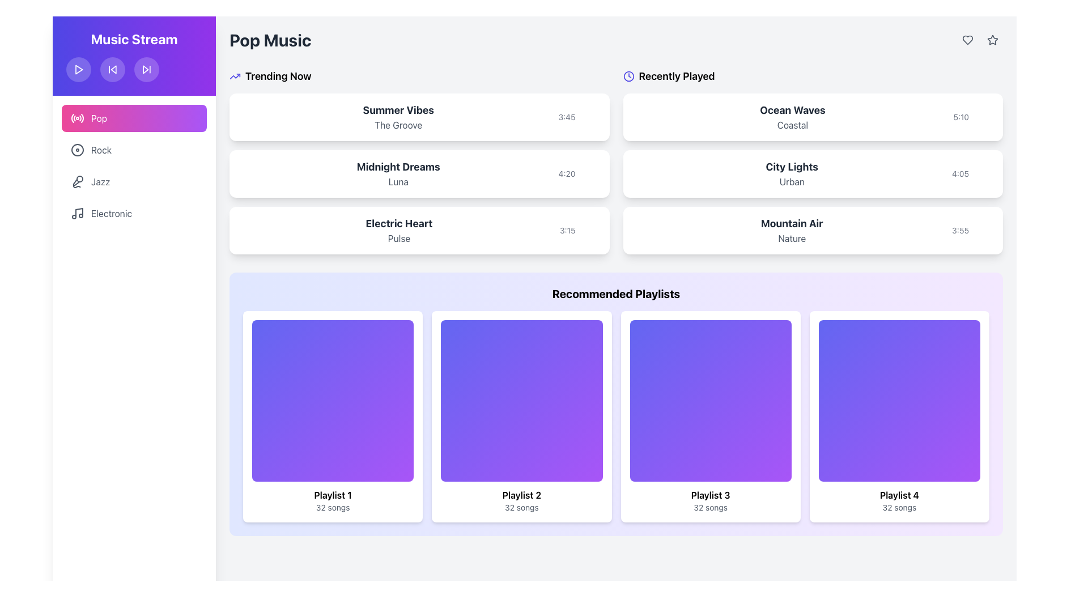 The image size is (1088, 612). I want to click on text of the 'Nature' label located below the 'Mountain Air' title in the 'Recently Played' section, so click(791, 237).